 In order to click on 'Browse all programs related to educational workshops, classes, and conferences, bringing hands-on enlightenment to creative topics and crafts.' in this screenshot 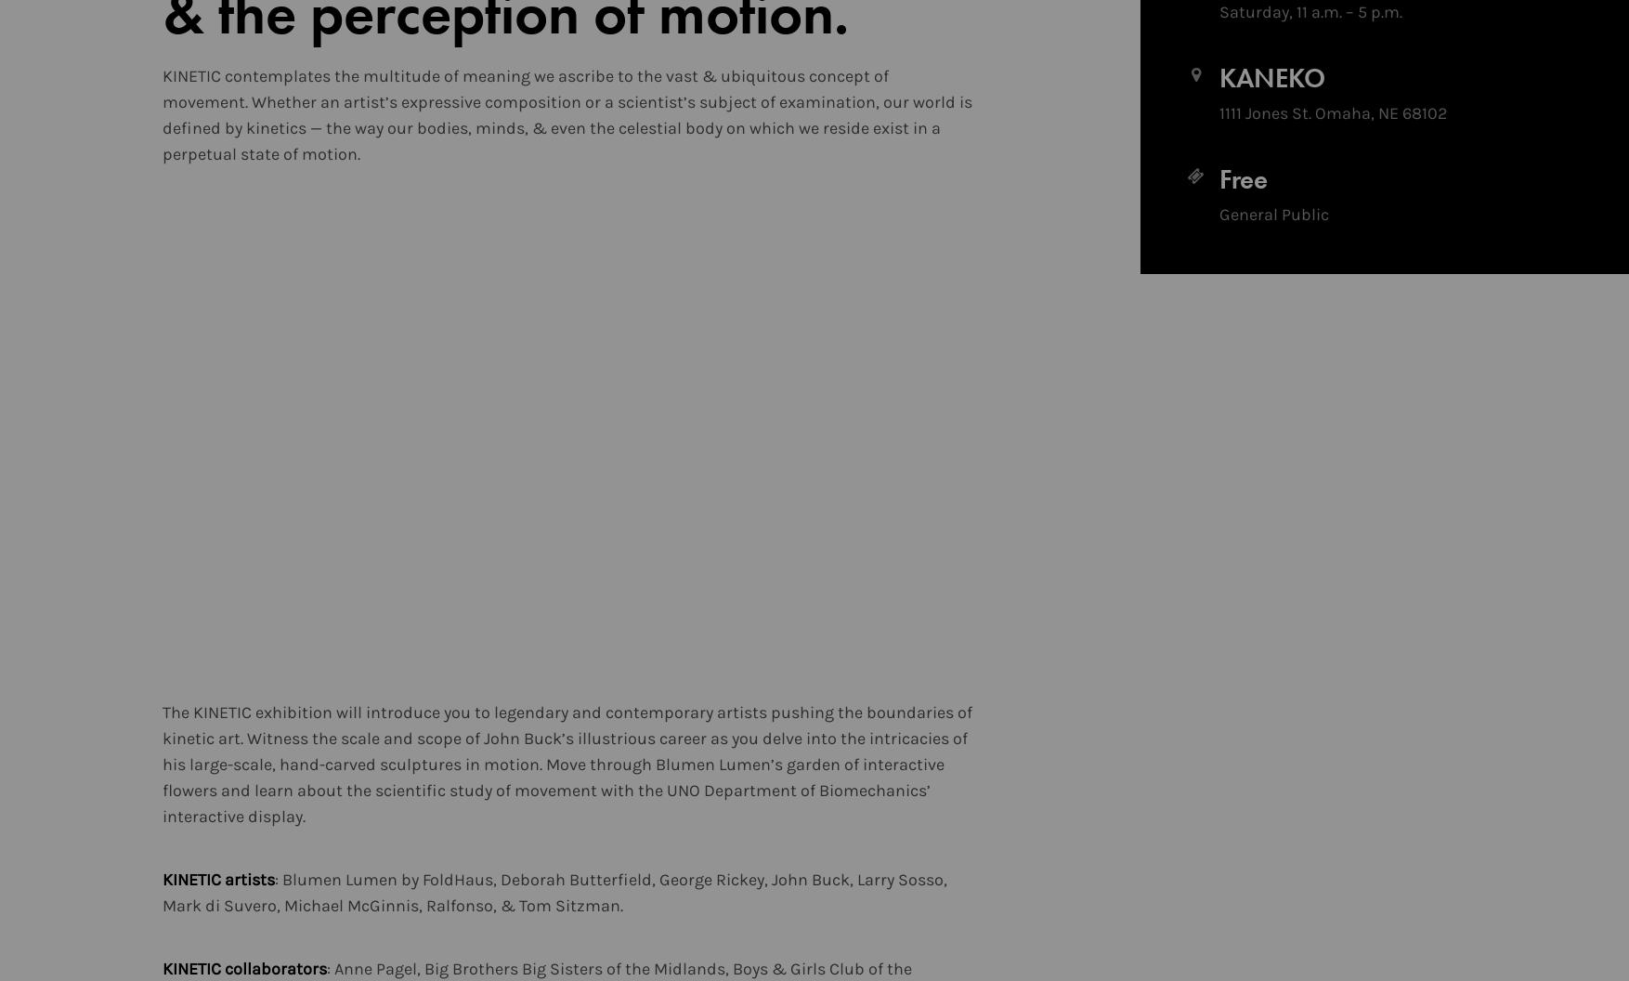, I will do `click(1214, 172)`.